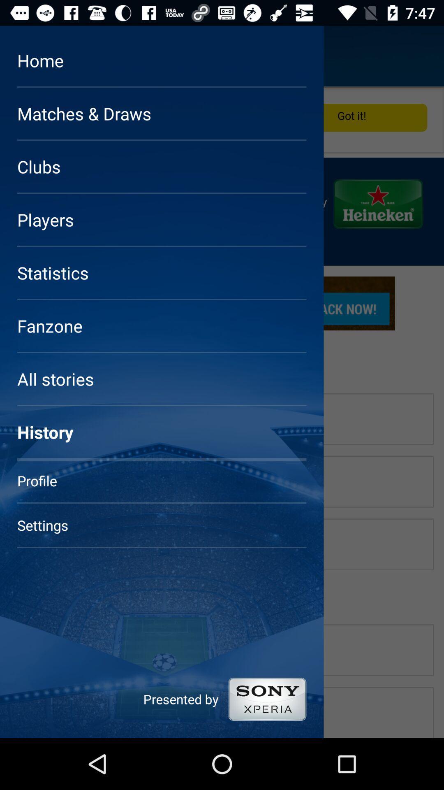 Image resolution: width=444 pixels, height=790 pixels. I want to click on main image screen, so click(222, 412).